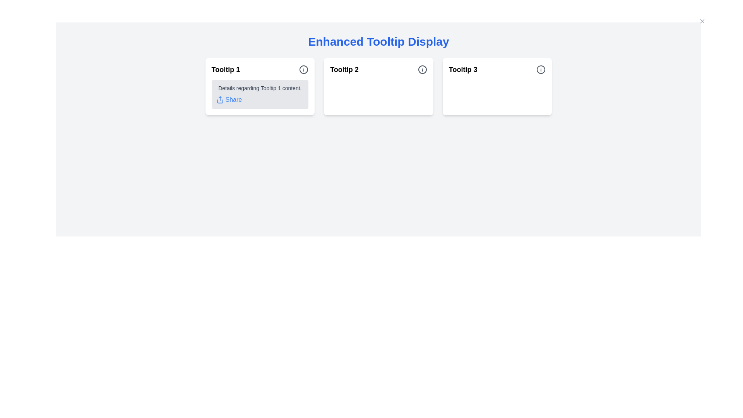  What do you see at coordinates (219, 99) in the screenshot?
I see `the 'Share' icon, which is a small blue outlined arrow pointing upward from a box, located in the first tooltip box under 'Tooltip 1', to initiate sharing` at bounding box center [219, 99].